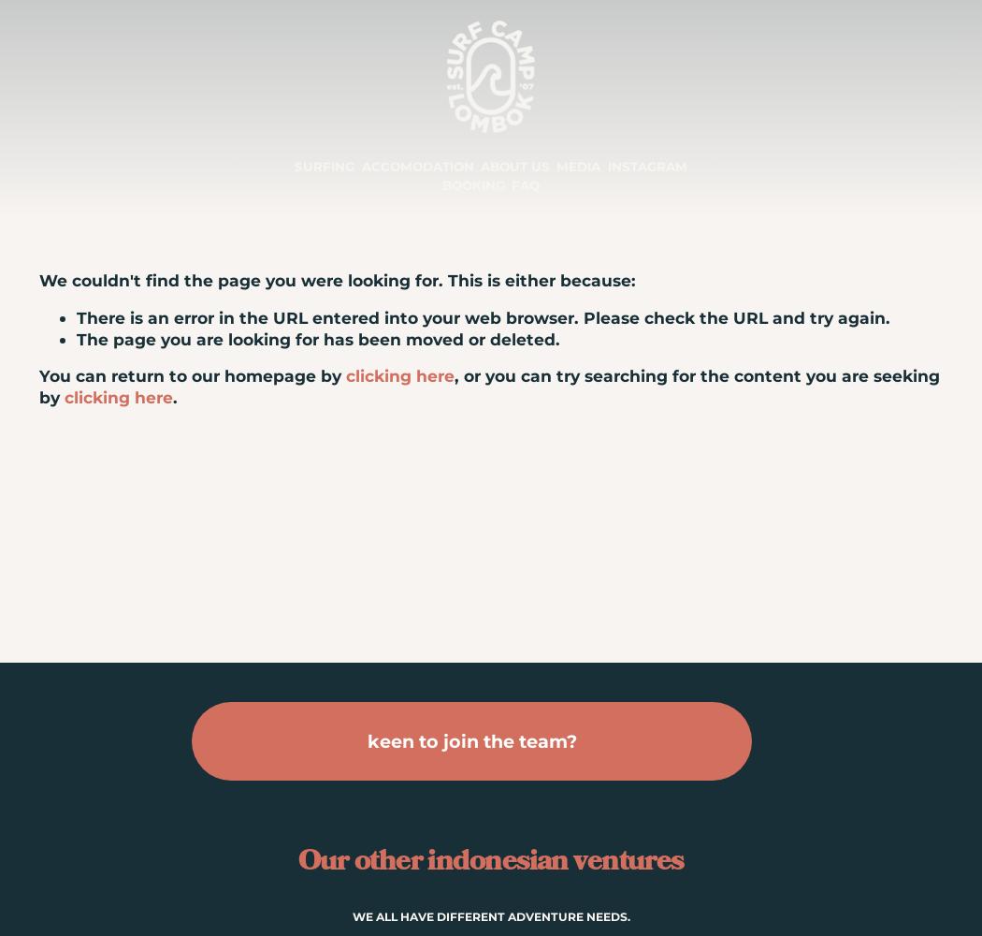 The image size is (982, 936). Describe the element at coordinates (578, 167) in the screenshot. I see `'MEDIA'` at that location.